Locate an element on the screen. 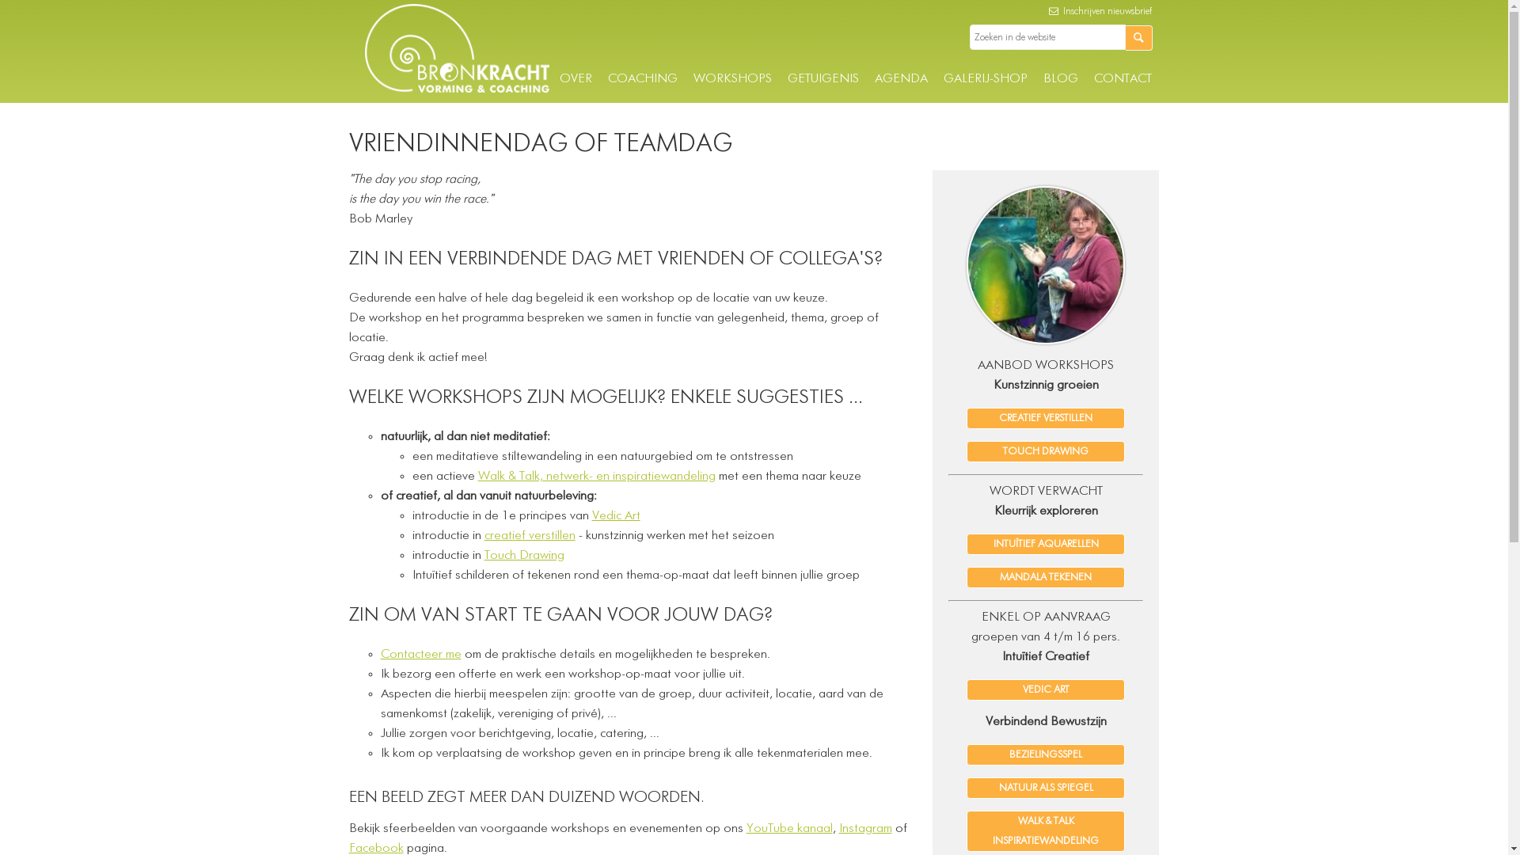  'NATUUR ALS SPIEGEL' is located at coordinates (1045, 788).